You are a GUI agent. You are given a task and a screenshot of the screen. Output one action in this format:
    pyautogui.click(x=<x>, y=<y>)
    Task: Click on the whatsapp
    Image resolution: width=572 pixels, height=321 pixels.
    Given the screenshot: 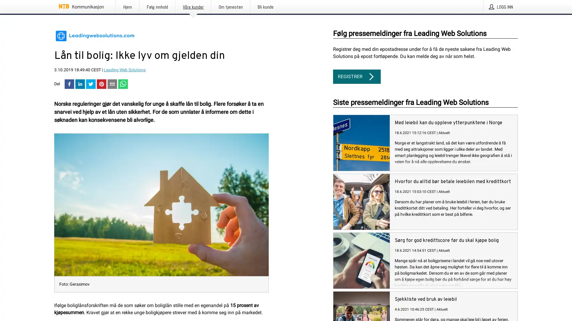 What is the action you would take?
    pyautogui.click(x=122, y=85)
    